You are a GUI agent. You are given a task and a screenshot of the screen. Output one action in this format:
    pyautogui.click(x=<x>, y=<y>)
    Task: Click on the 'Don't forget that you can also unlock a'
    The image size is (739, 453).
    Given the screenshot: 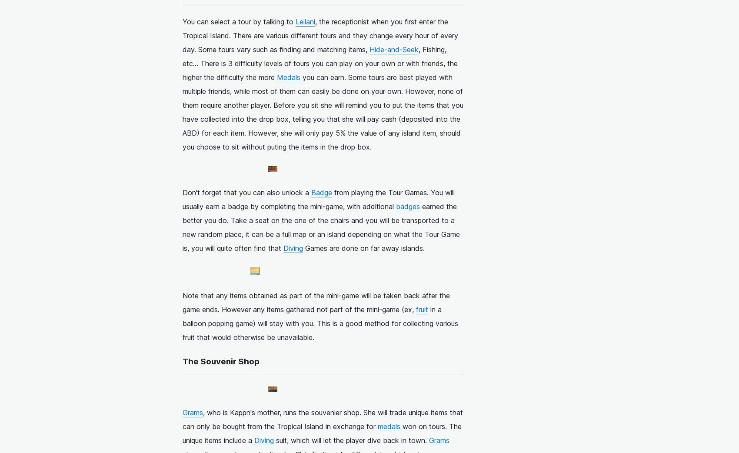 What is the action you would take?
    pyautogui.click(x=246, y=192)
    